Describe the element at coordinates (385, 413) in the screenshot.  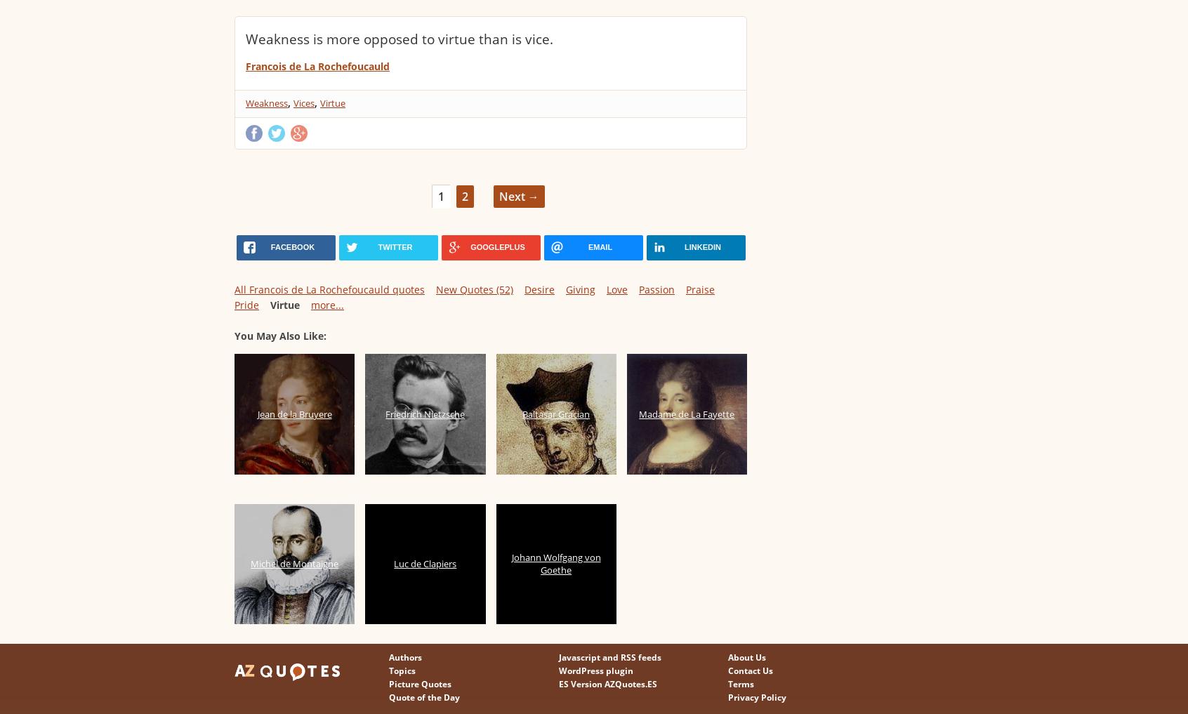
I see `'Friedrich Nietzsche'` at that location.